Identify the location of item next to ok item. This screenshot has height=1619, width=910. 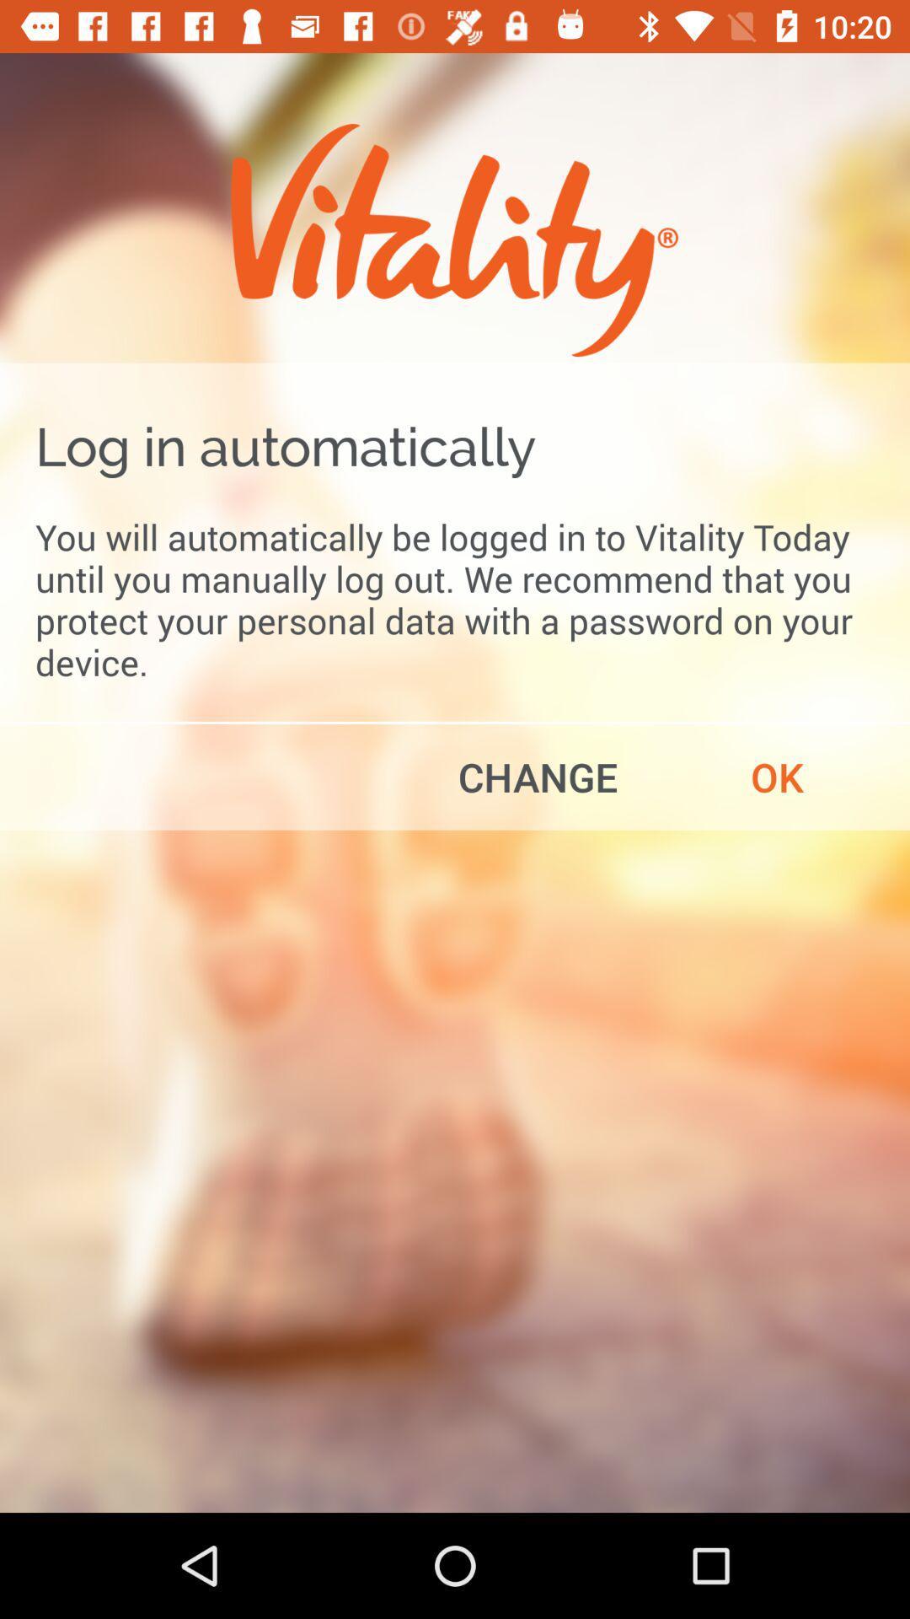
(538, 776).